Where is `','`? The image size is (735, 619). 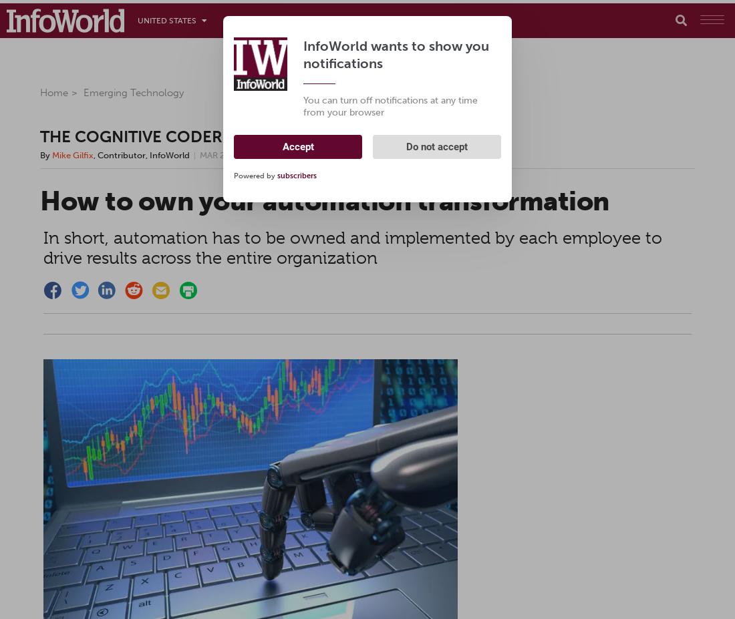 ',' is located at coordinates (95, 154).